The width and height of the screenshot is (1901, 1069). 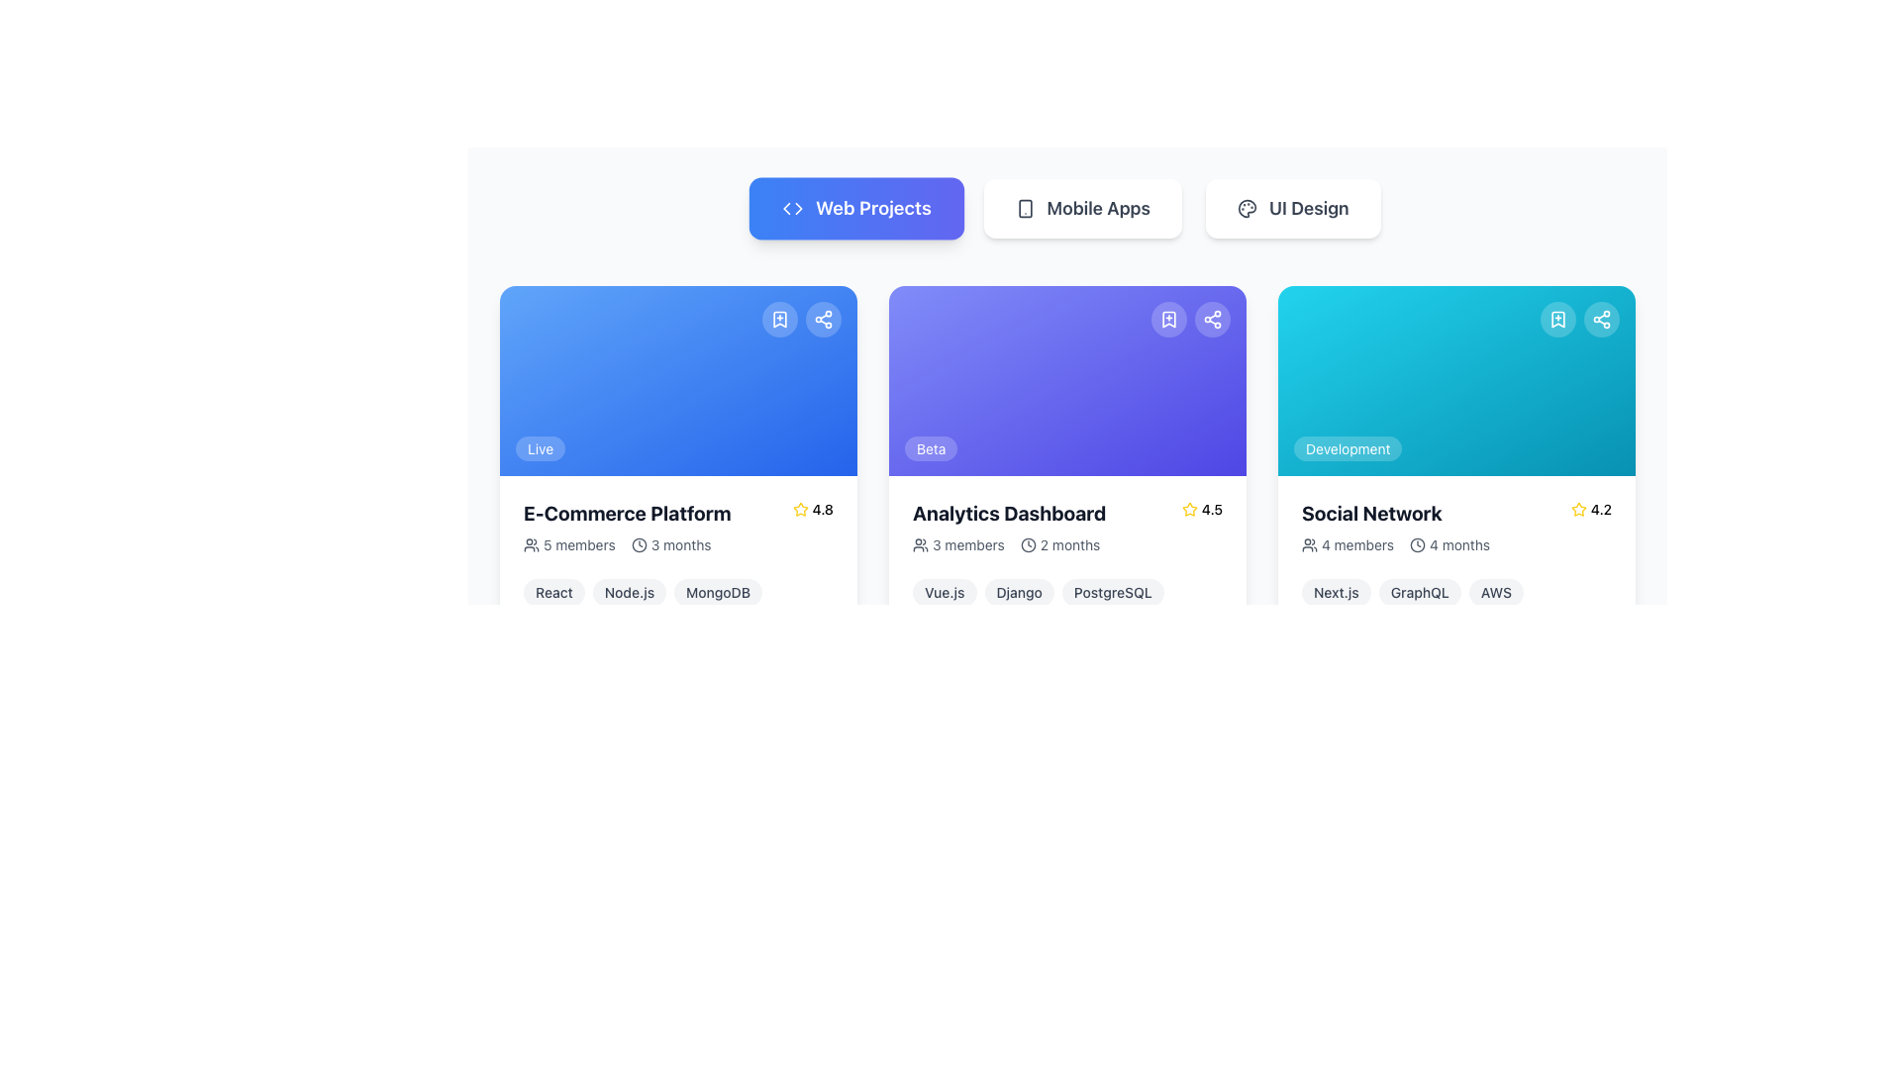 What do you see at coordinates (1347, 545) in the screenshot?
I see `text label displaying the number of members associated with the 'Social Network' project, located below the card's title and above the '4 months' label in the third column` at bounding box center [1347, 545].